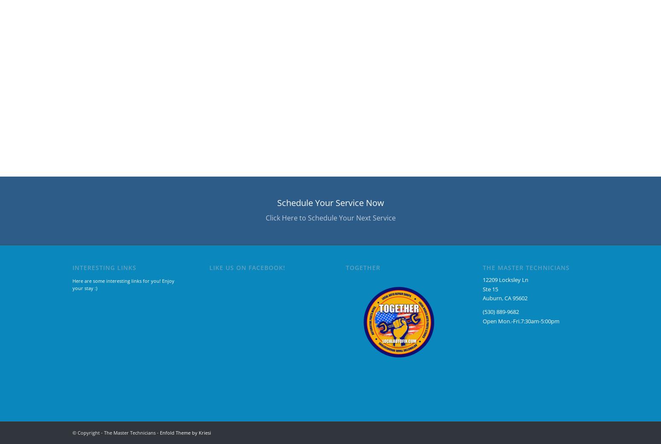  What do you see at coordinates (123, 284) in the screenshot?
I see `'Here are some interesting links for you! Enjoy your stay :)'` at bounding box center [123, 284].